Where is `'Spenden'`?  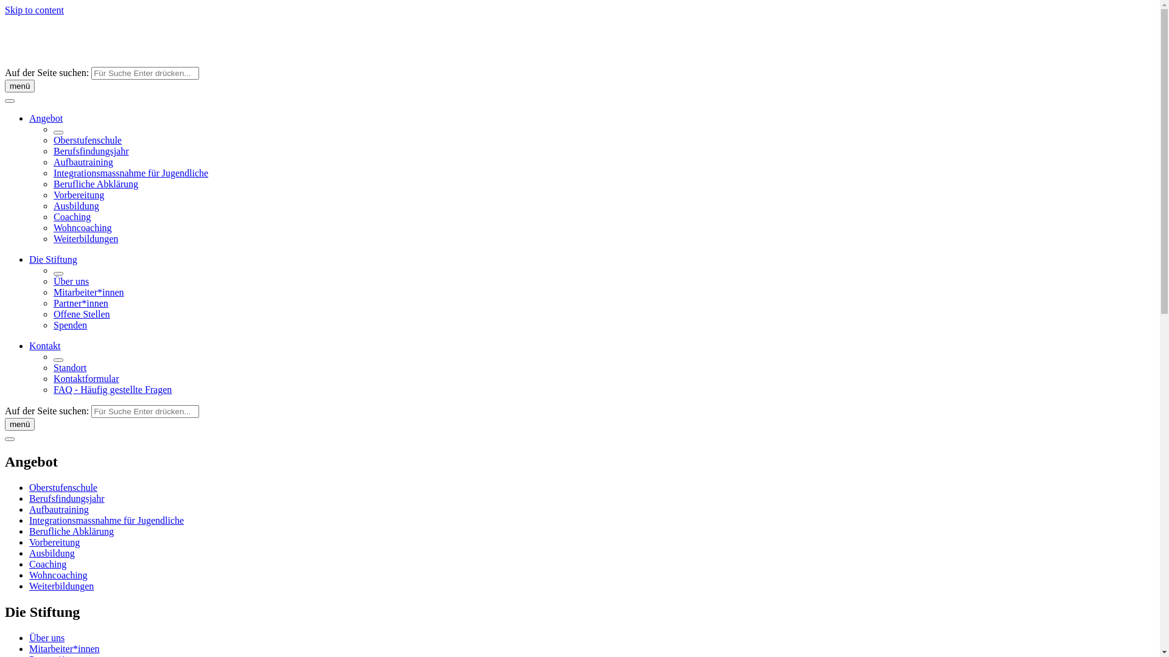
'Spenden' is located at coordinates (69, 324).